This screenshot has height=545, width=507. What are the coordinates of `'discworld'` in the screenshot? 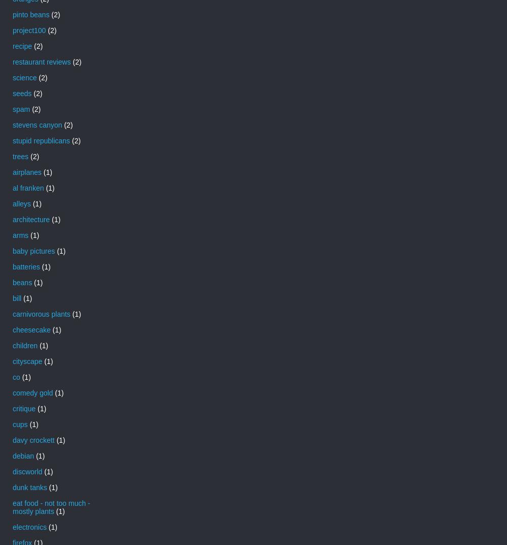 It's located at (13, 471).